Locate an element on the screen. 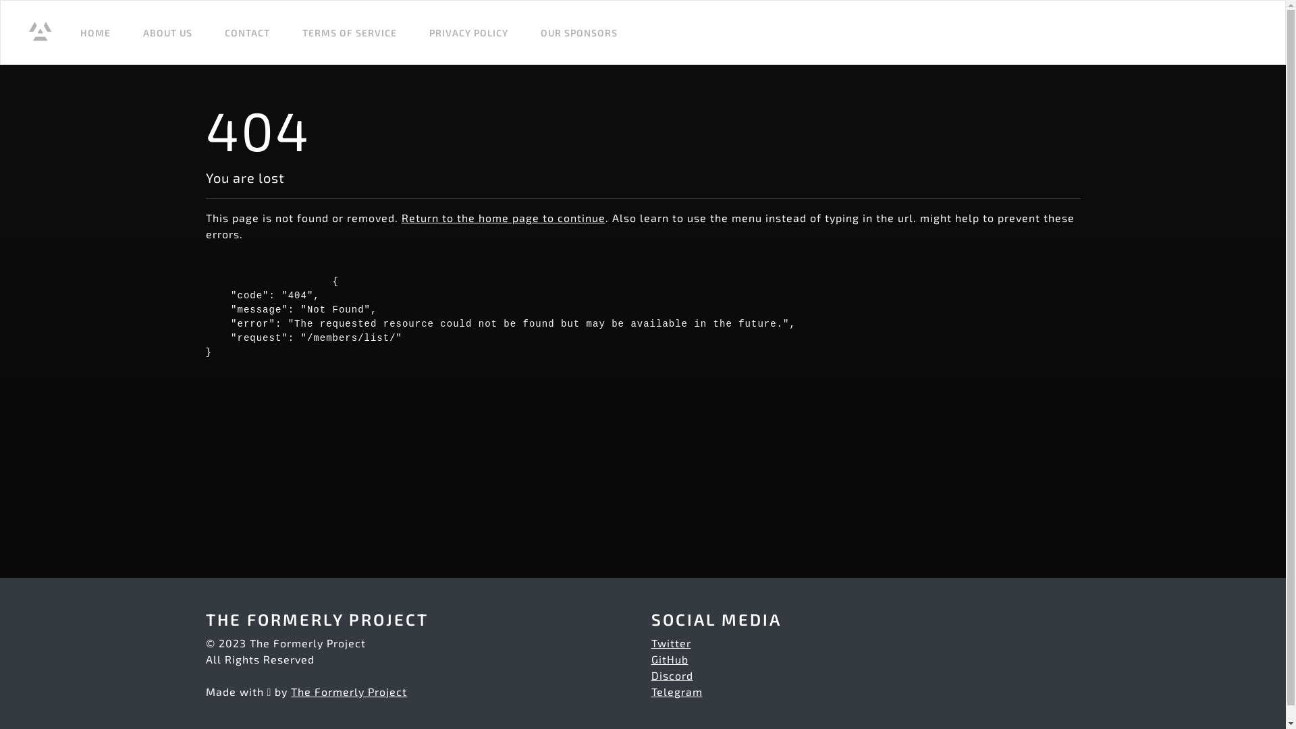  'Return to the home page to continue' is located at coordinates (502, 217).